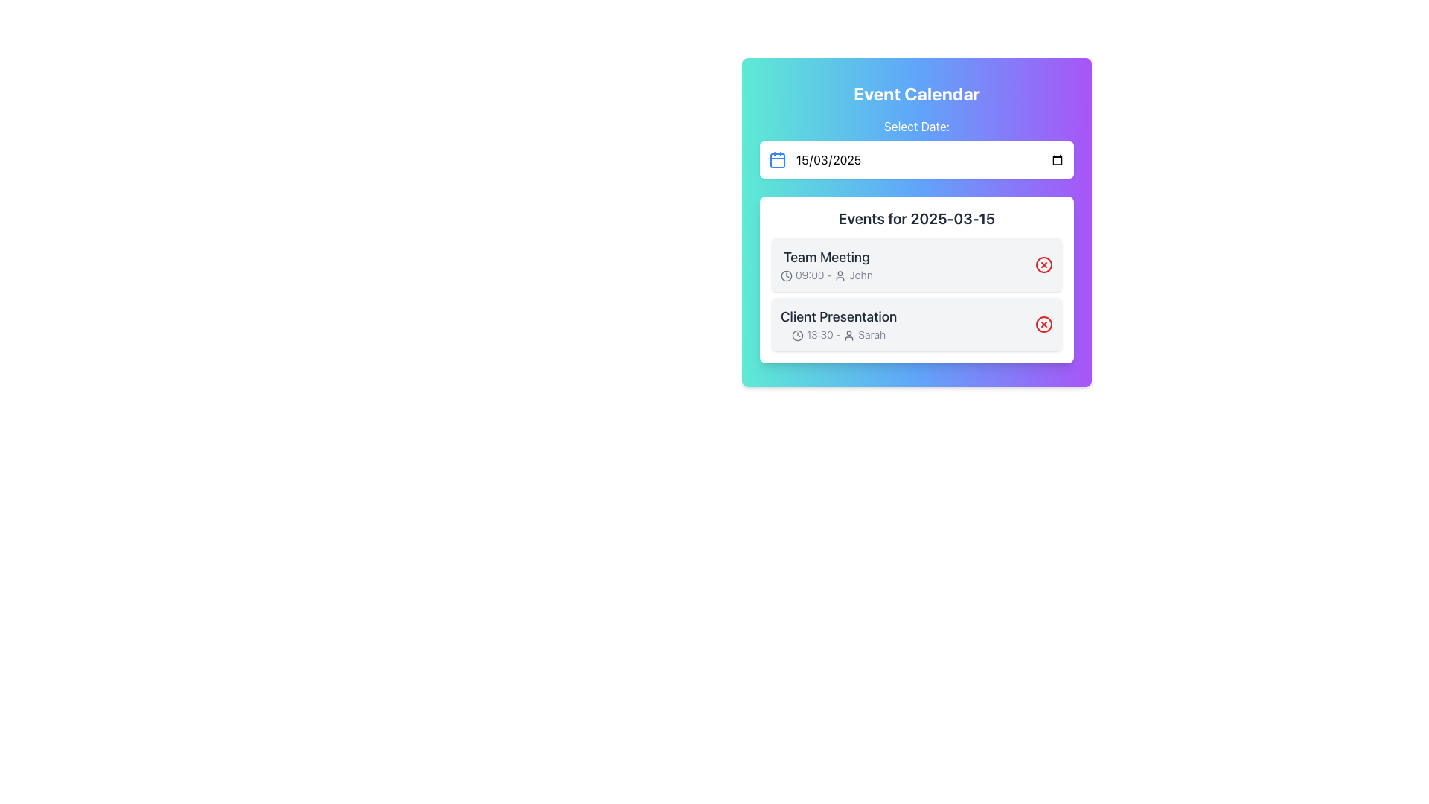 This screenshot has height=804, width=1429. Describe the element at coordinates (777, 160) in the screenshot. I see `the calendar icon representing the date selection feature, positioned to the left of the date input field` at that location.